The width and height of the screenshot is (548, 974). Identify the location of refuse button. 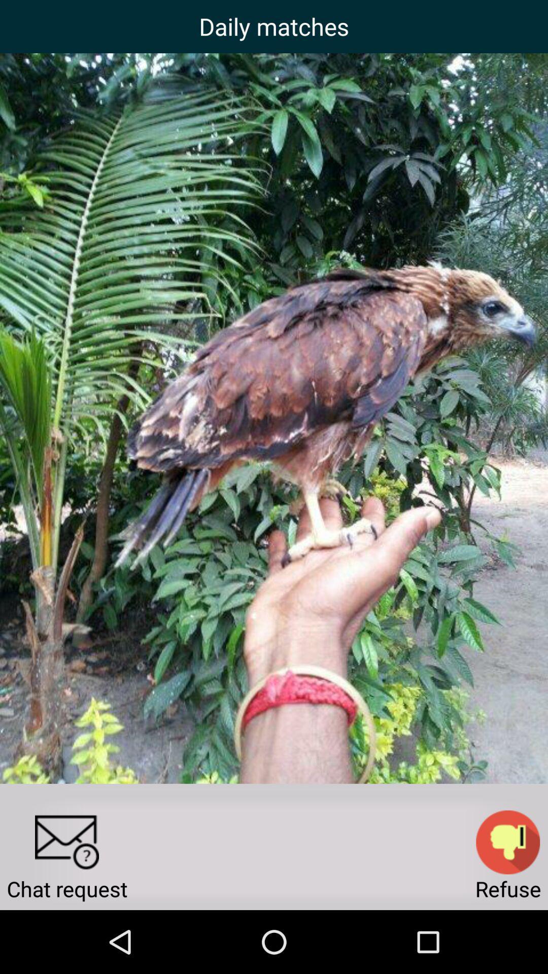
(508, 842).